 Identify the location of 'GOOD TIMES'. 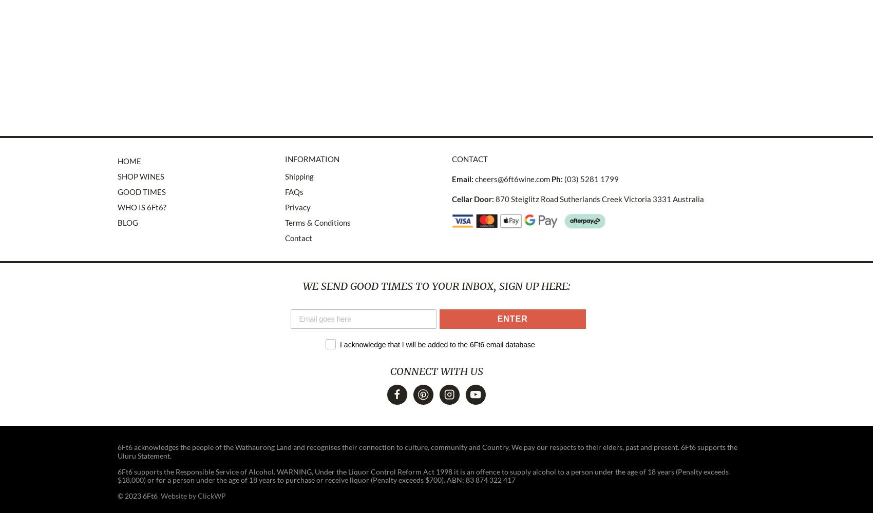
(142, 191).